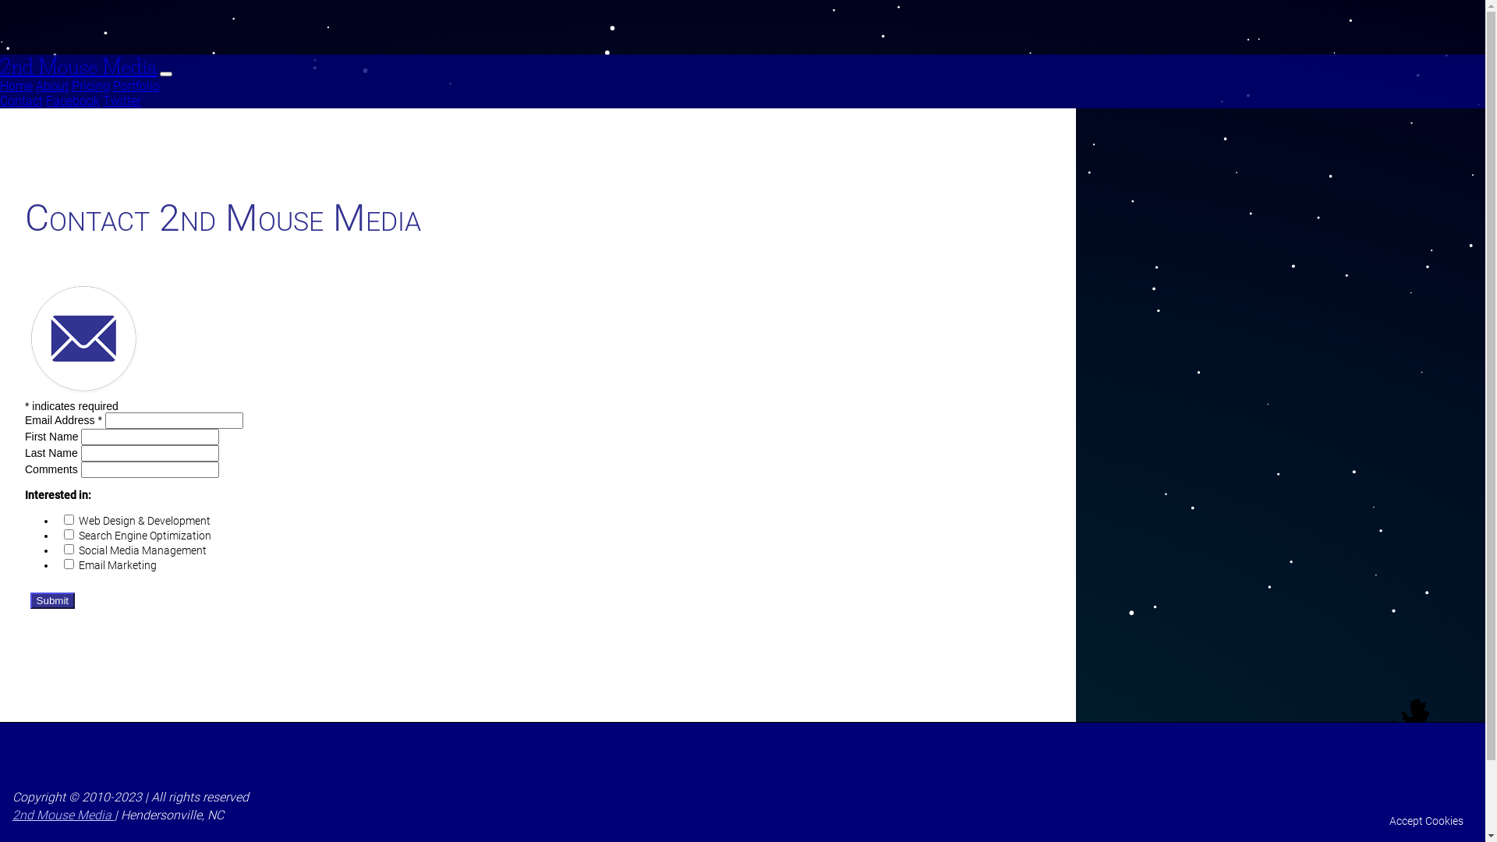  What do you see at coordinates (52, 600) in the screenshot?
I see `'Submit'` at bounding box center [52, 600].